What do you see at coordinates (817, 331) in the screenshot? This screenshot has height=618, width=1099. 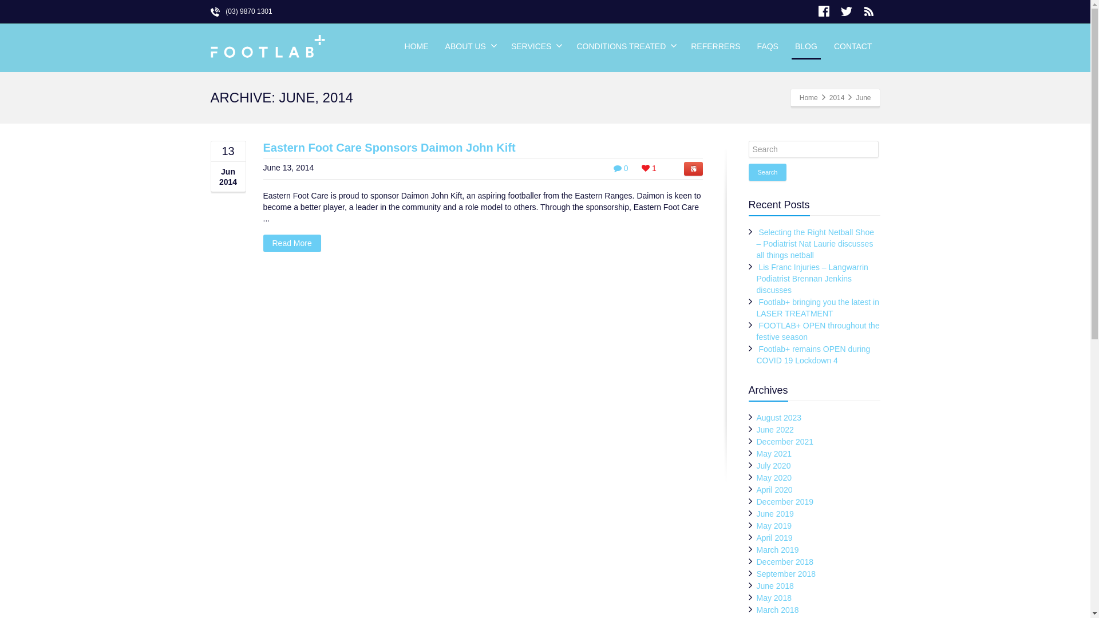 I see `'FOOTLAB+ OPEN throughout the festive season'` at bounding box center [817, 331].